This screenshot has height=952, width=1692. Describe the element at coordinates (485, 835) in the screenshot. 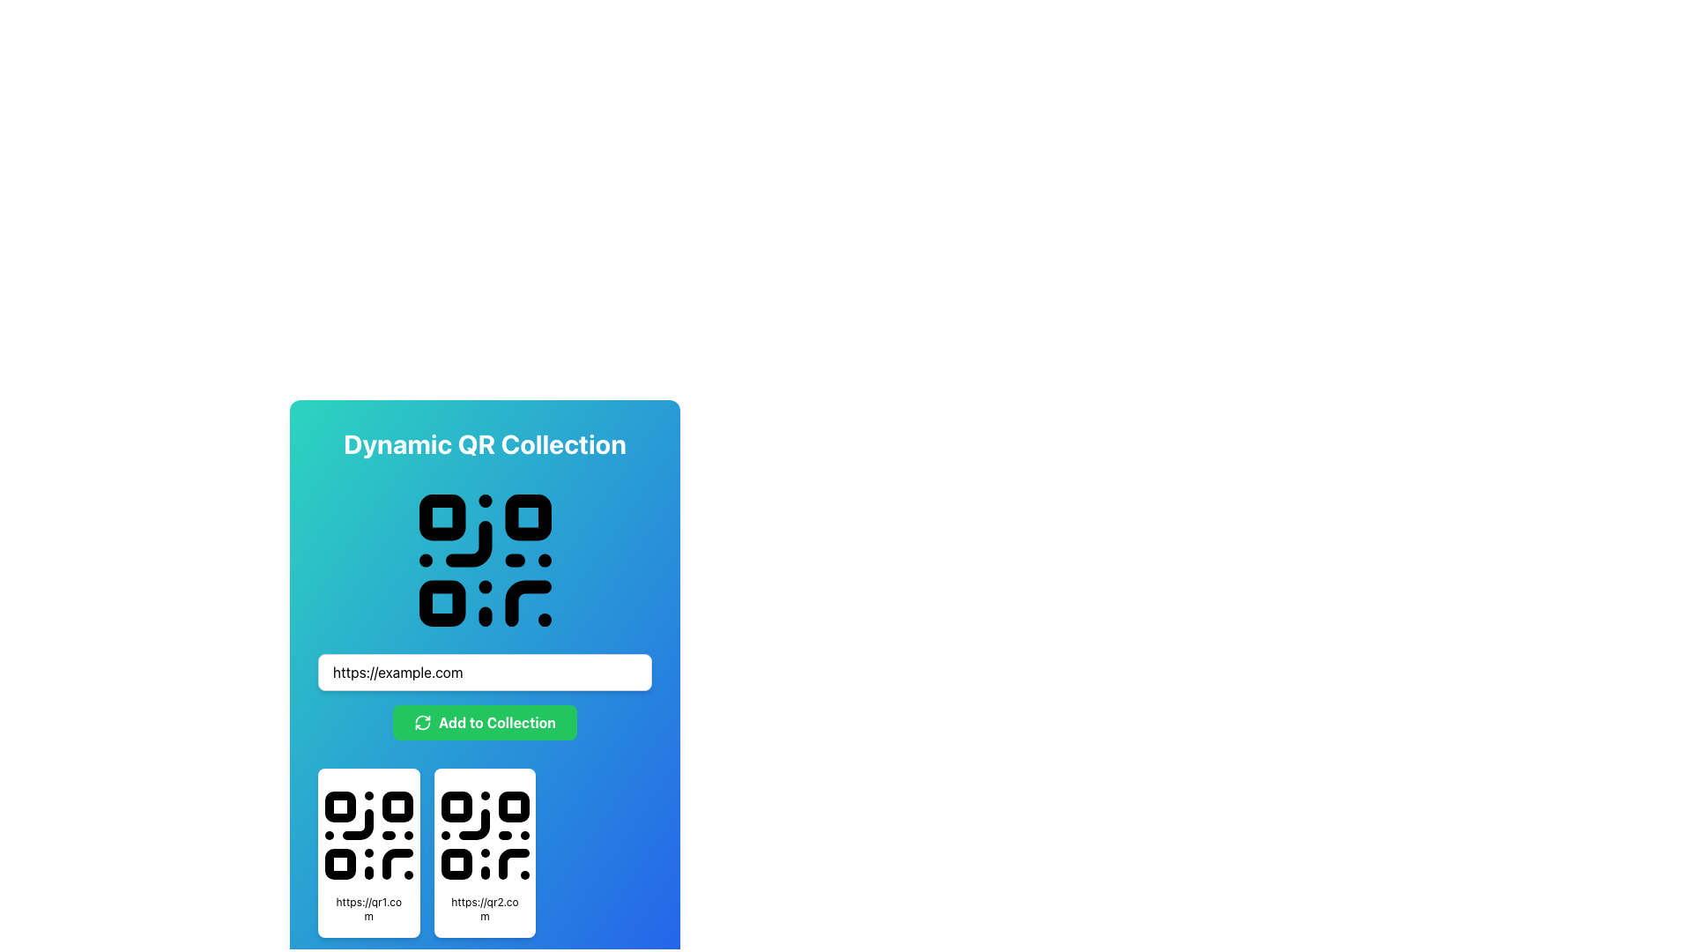

I see `the QR code icon located` at that location.